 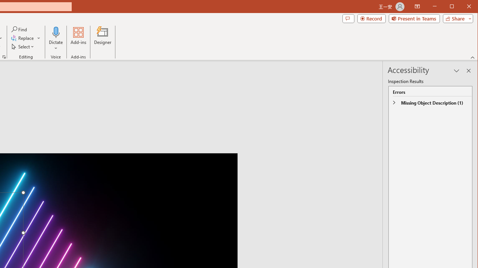 What do you see at coordinates (462, 7) in the screenshot?
I see `'Maximize'` at bounding box center [462, 7].